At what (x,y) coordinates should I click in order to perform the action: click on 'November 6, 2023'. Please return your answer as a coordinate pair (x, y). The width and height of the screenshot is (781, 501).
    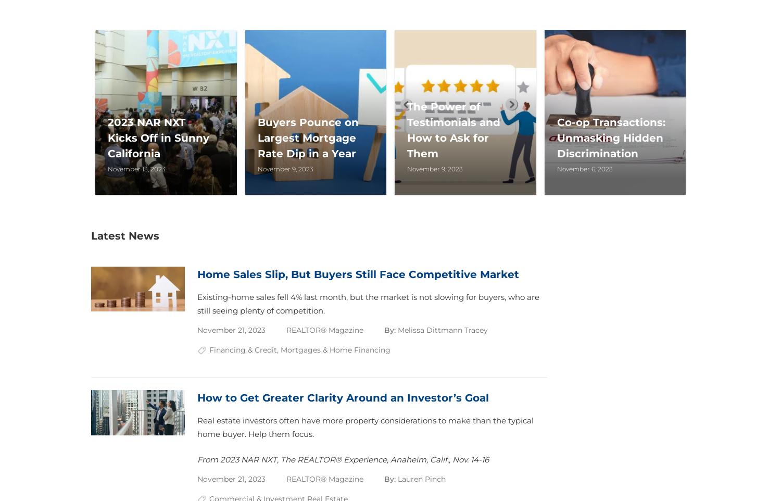
    Looking at the image, I should click on (584, 168).